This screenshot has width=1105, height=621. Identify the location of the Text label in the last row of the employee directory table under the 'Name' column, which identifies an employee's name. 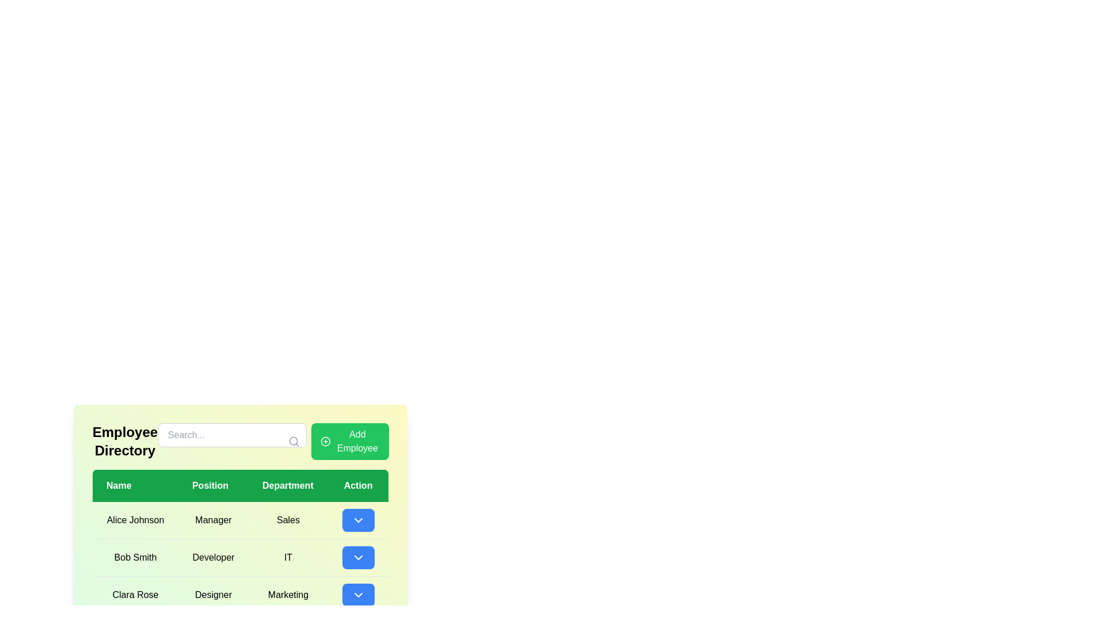
(135, 595).